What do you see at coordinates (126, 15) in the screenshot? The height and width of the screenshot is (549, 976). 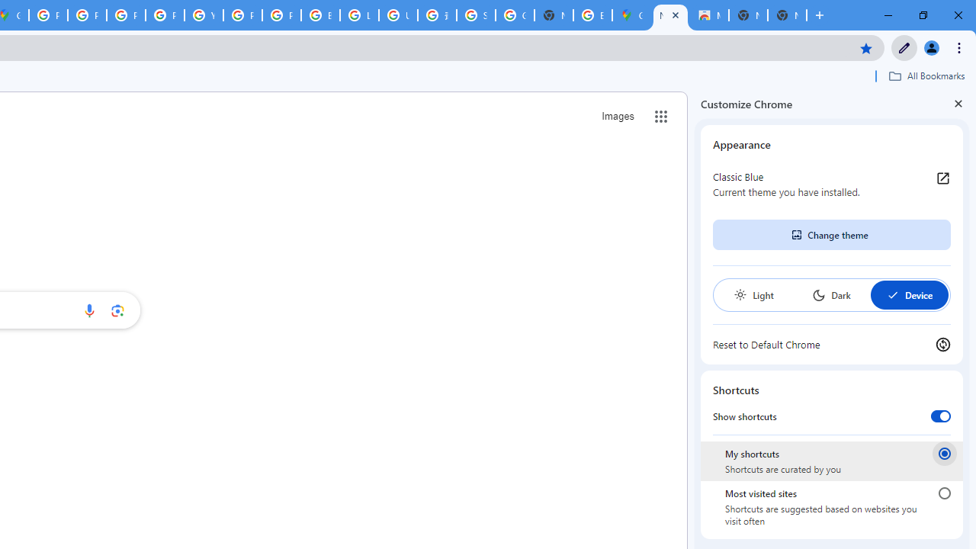 I see `'Privacy Help Center - Policies Help'` at bounding box center [126, 15].